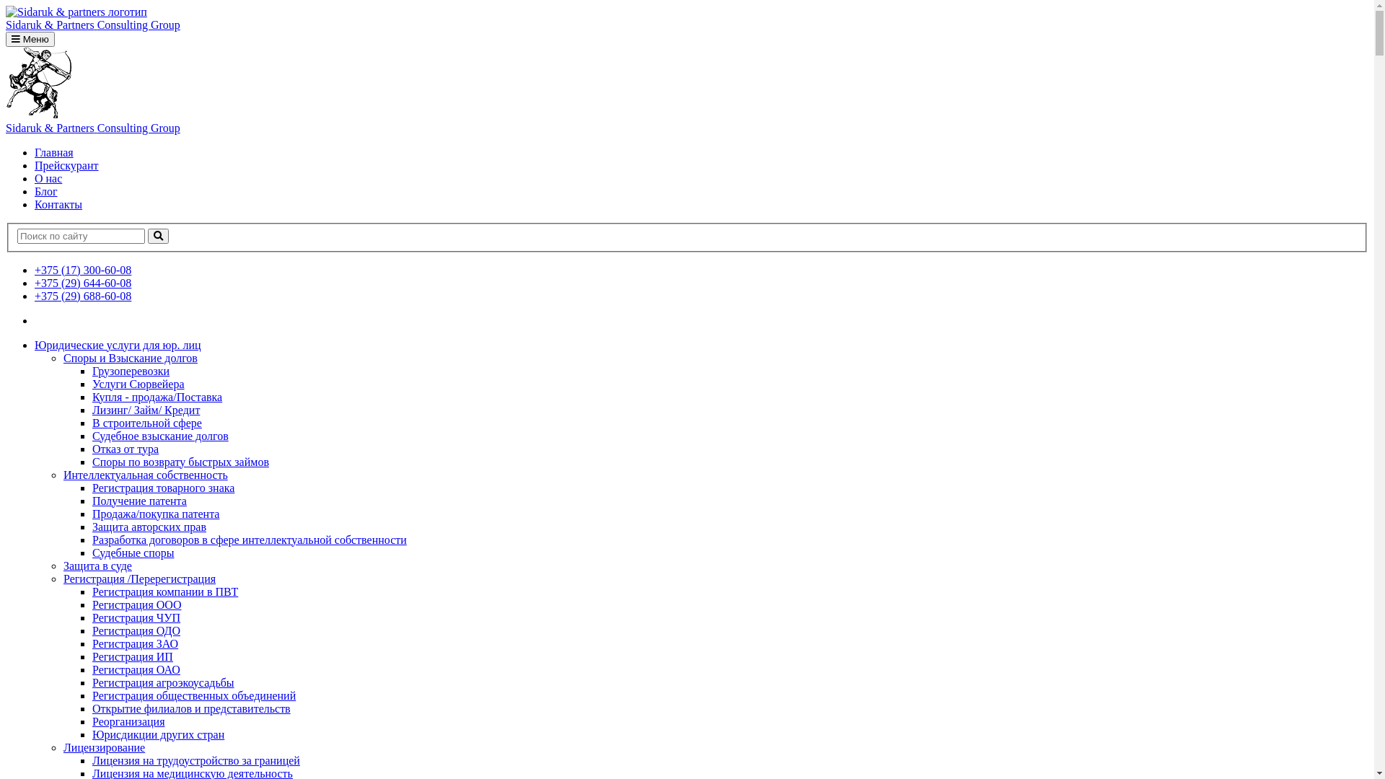  What do you see at coordinates (686, 19) in the screenshot?
I see `'Sidaruk & Partners Consulting Group'` at bounding box center [686, 19].